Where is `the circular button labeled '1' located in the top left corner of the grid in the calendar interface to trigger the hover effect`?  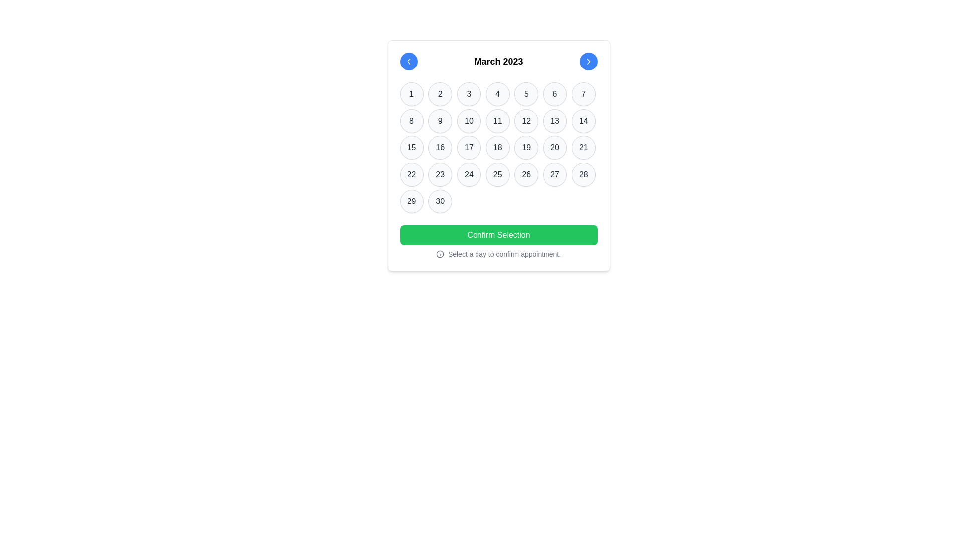
the circular button labeled '1' located in the top left corner of the grid in the calendar interface to trigger the hover effect is located at coordinates (411, 94).